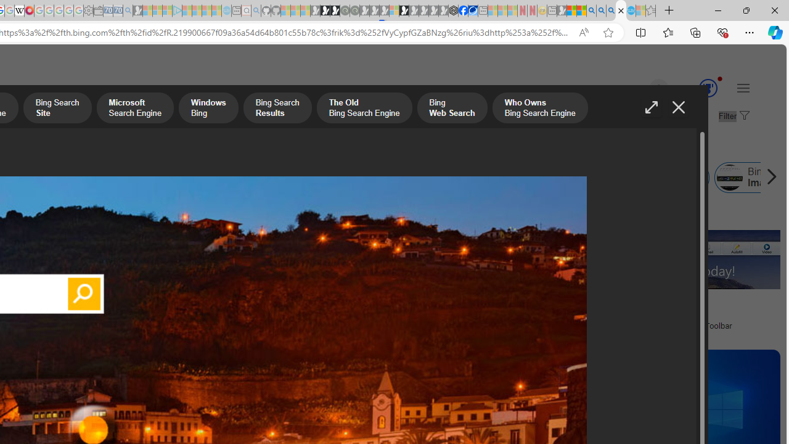  Describe the element at coordinates (659, 325) in the screenshot. I see `'Download Bing Bar, the new Bing Toolbar'` at that location.